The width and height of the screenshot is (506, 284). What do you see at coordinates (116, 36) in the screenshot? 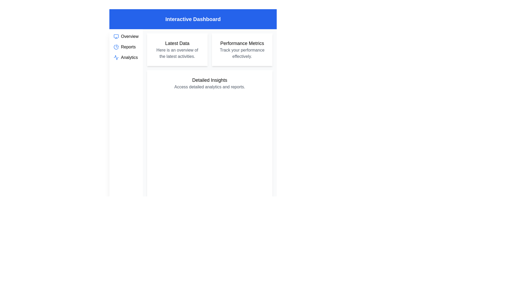
I see `the blue rectangular frame with rounded corners in the sidebar menu that represents the 'Overview' section` at bounding box center [116, 36].